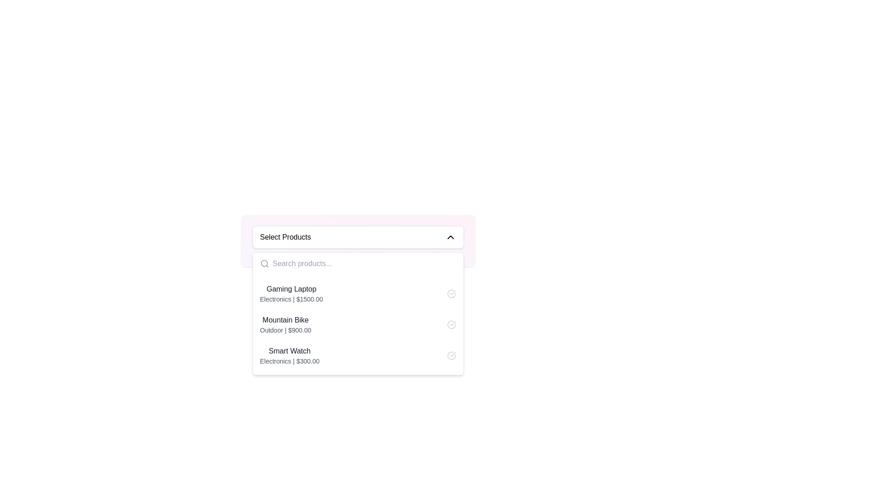 Image resolution: width=875 pixels, height=492 pixels. I want to click on the text label 'Mountain Bike' in the dropdown list, which appears styled in dark gray with medium font weight, located as the second item after 'Gaming Laptop', so click(285, 319).